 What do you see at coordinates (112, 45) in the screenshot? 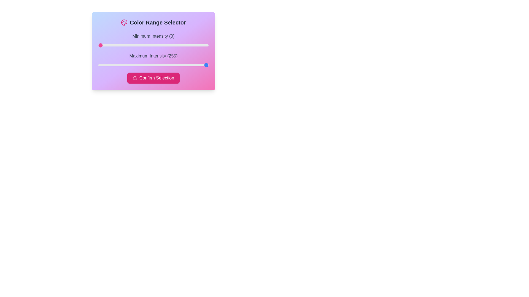
I see `the slider to set the intensity to 32` at bounding box center [112, 45].